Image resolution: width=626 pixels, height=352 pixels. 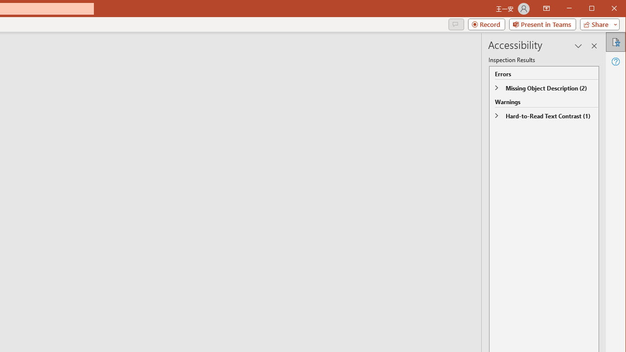 I want to click on 'Present in Teams', so click(x=542, y=24).